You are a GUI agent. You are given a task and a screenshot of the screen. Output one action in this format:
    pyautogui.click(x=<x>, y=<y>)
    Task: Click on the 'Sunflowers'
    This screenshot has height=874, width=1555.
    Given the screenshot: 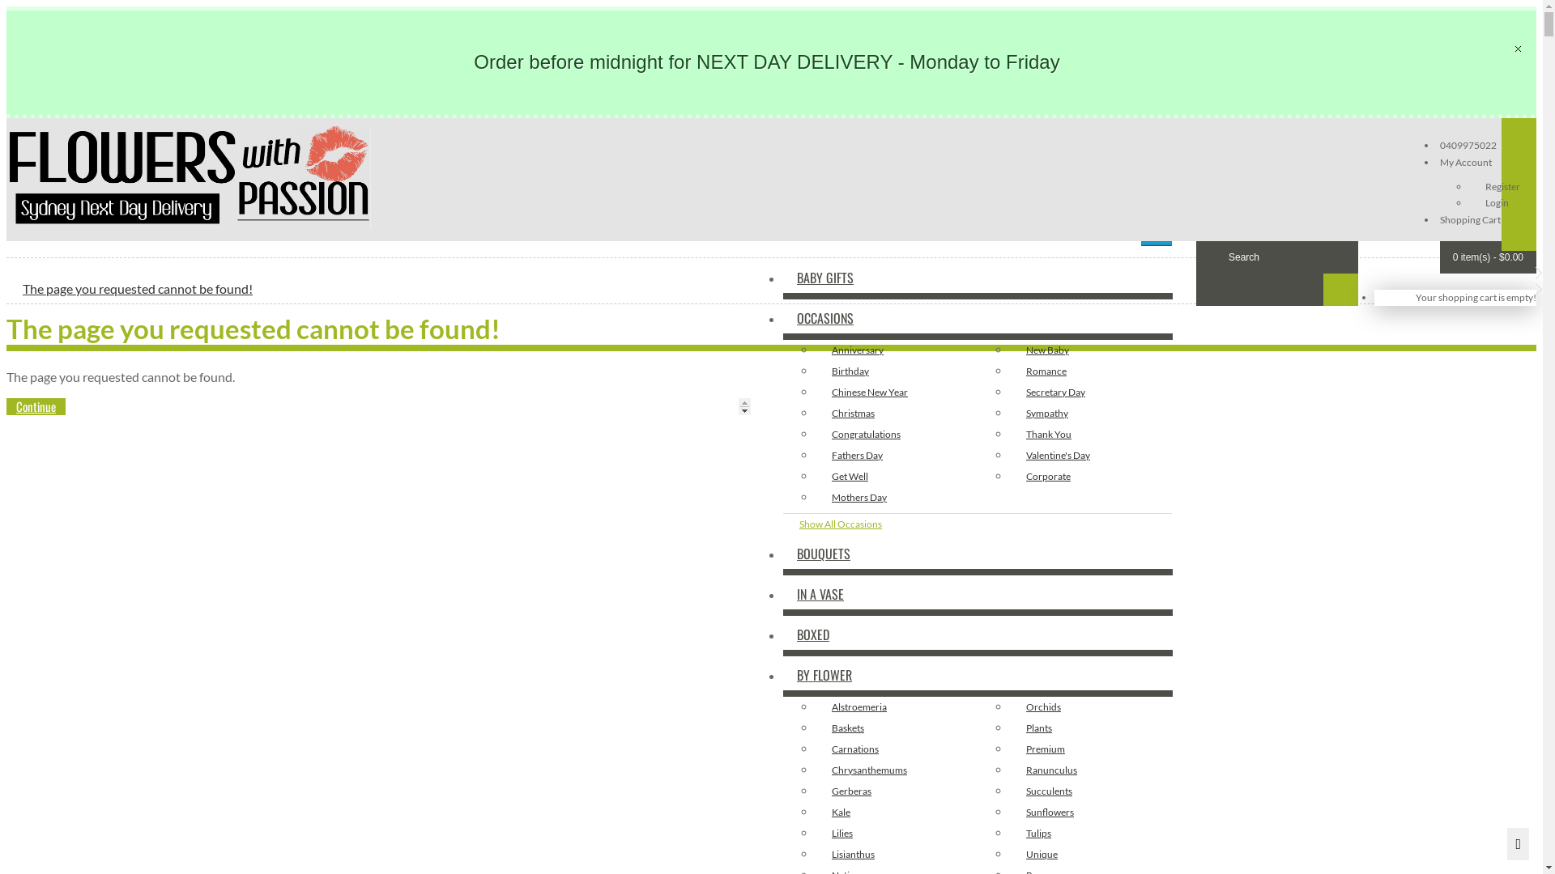 What is the action you would take?
    pyautogui.click(x=1009, y=811)
    